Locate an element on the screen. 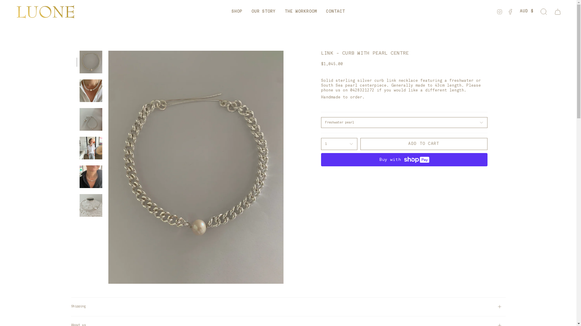 This screenshot has width=581, height=326. '1' is located at coordinates (338, 144).